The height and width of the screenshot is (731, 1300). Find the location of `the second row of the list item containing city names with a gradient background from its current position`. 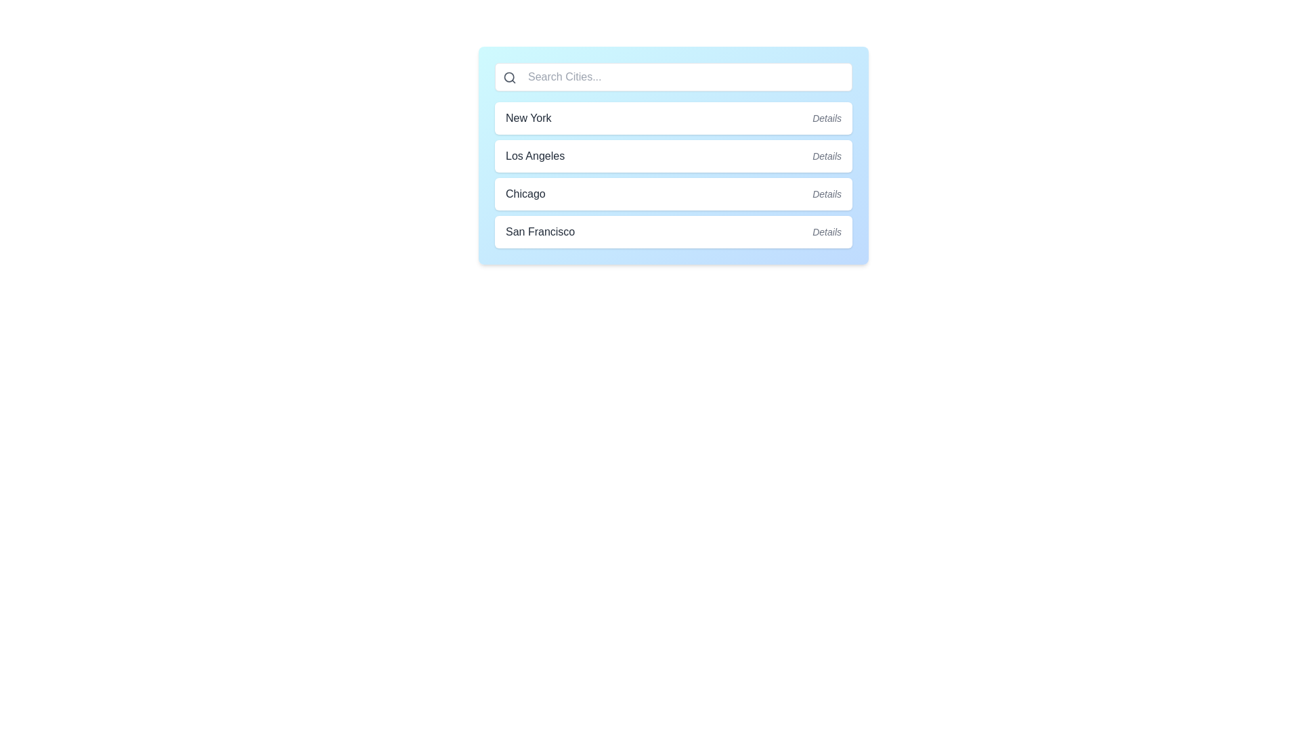

the second row of the list item containing city names with a gradient background from its current position is located at coordinates (673, 155).